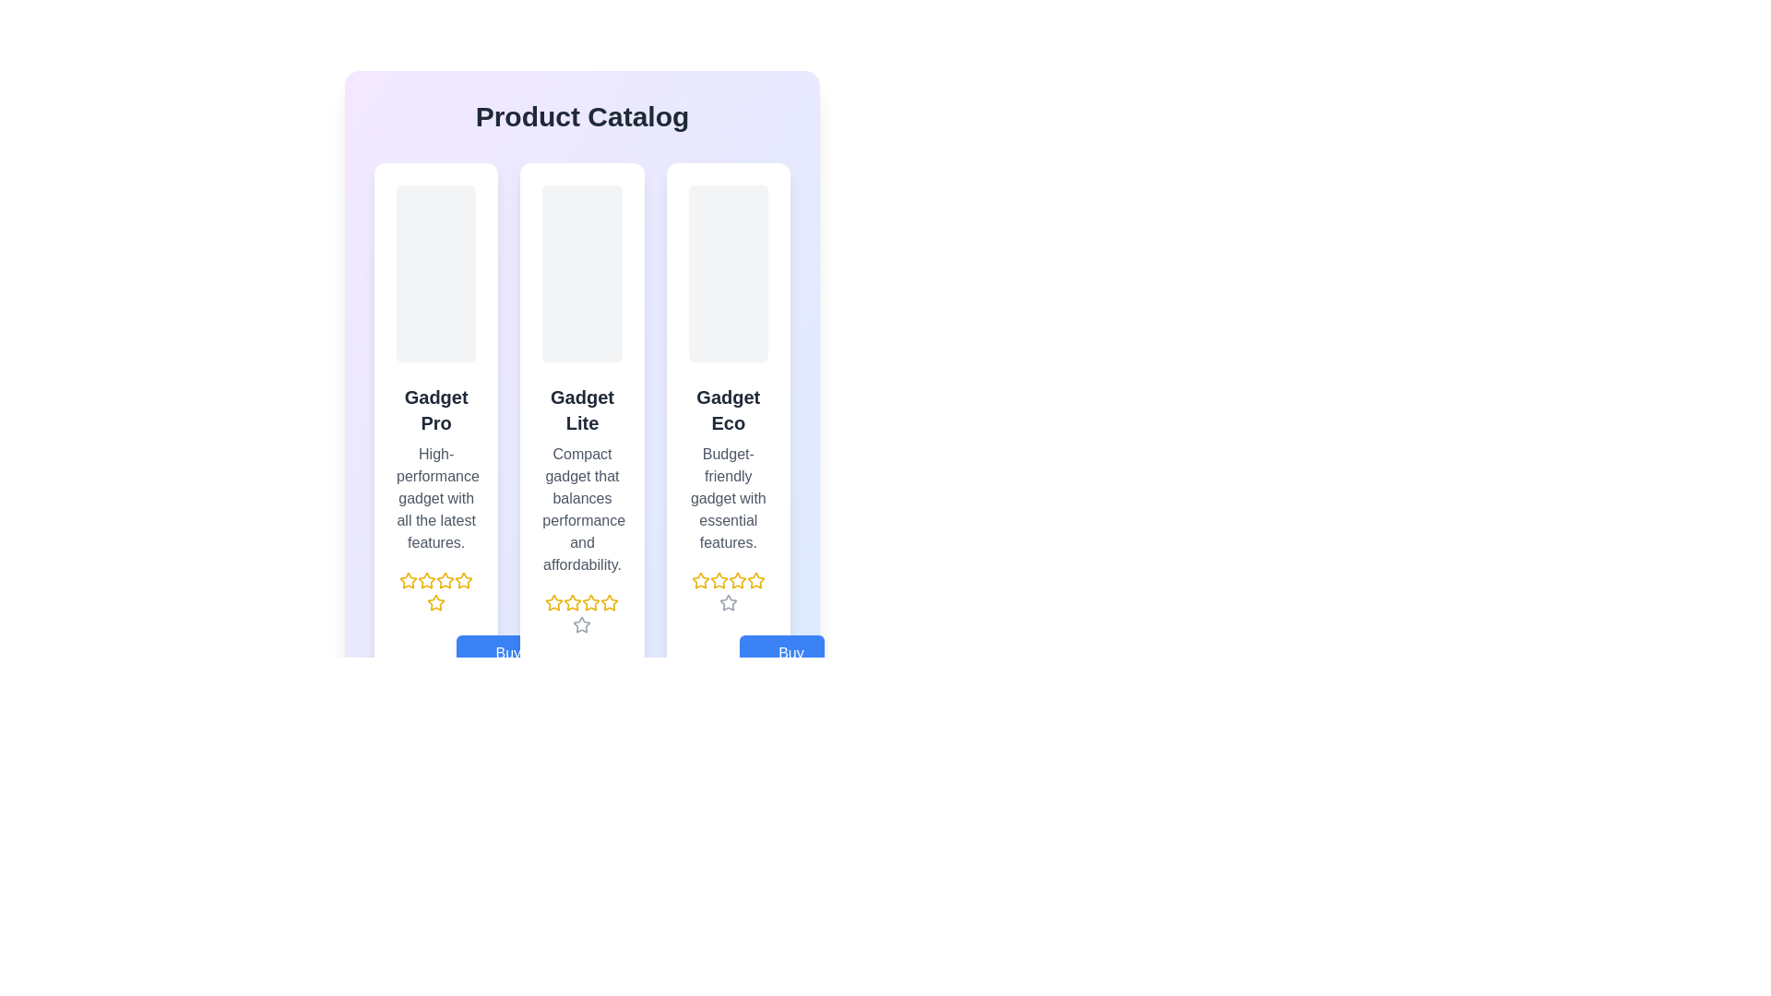 The width and height of the screenshot is (1771, 996). I want to click on the third star icon in the rating row for the 'Gadget Eco' product, so click(718, 579).